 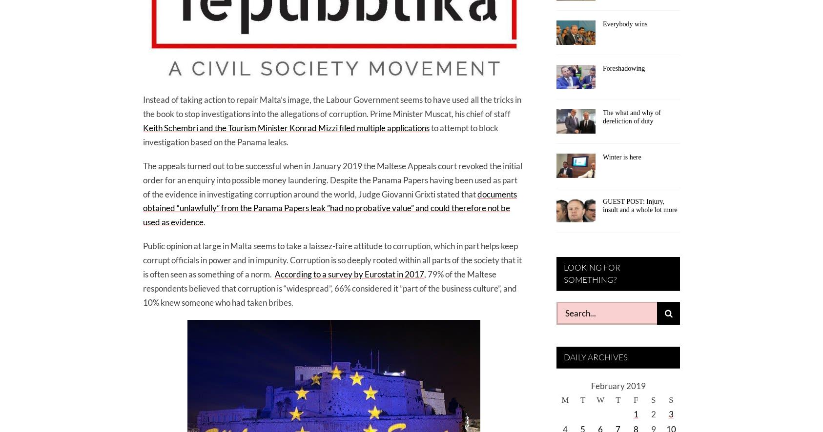 What do you see at coordinates (595, 357) in the screenshot?
I see `'DAILY ARCHIVES'` at bounding box center [595, 357].